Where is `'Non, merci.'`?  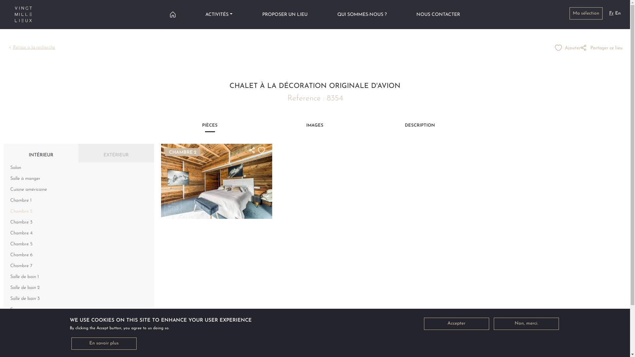
'Non, merci.' is located at coordinates (526, 323).